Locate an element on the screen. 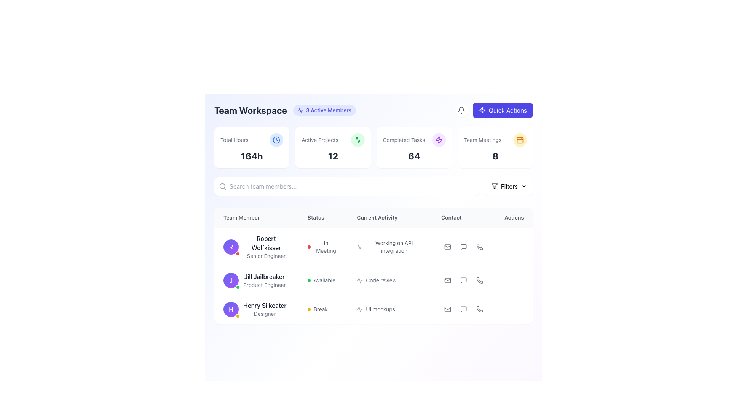 The image size is (731, 411). the phone icon button in the Actions column of the first row to initiate a call for user Robert Wolfkisser is located at coordinates (479, 247).